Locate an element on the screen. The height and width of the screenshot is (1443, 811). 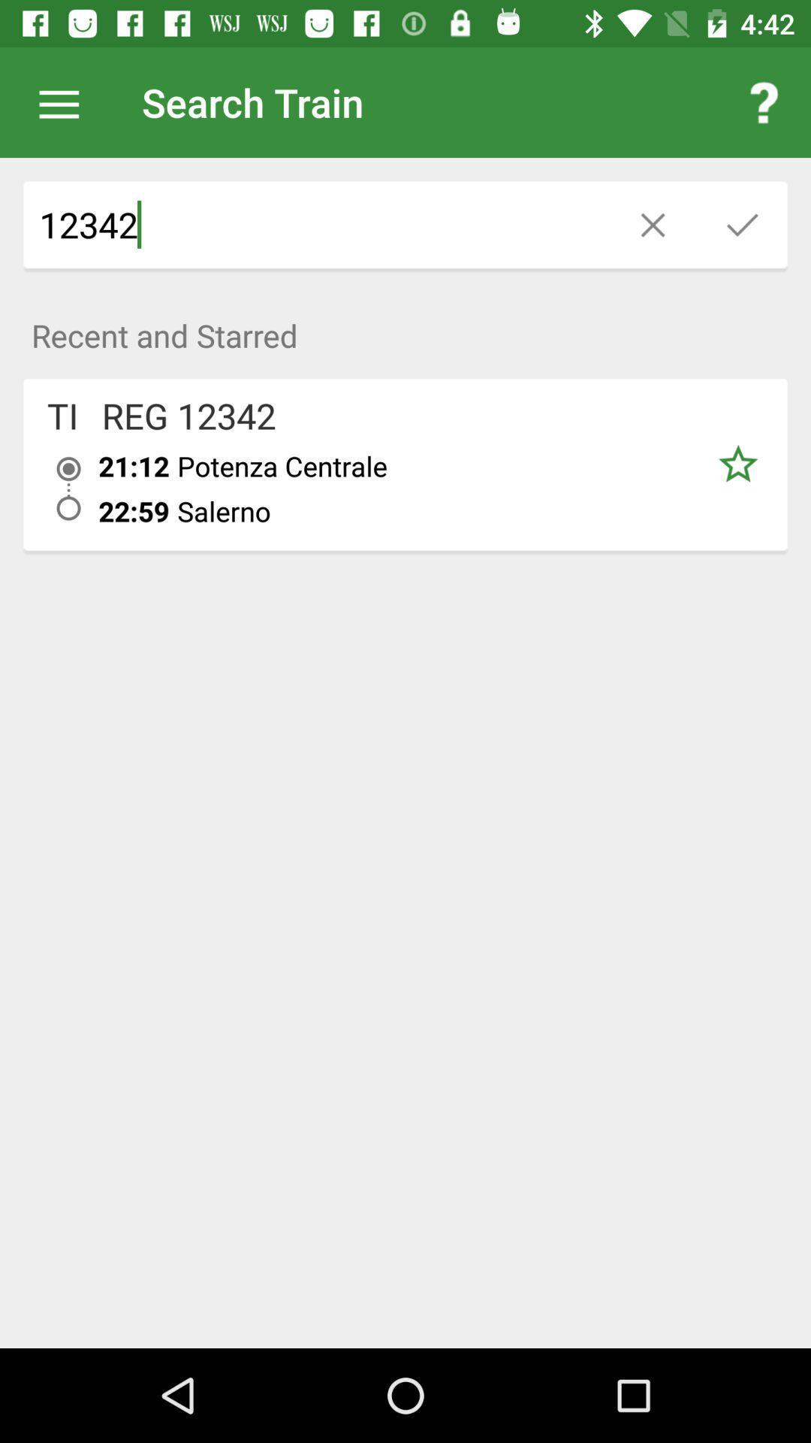
icon next to the search train icon is located at coordinates (66, 101).